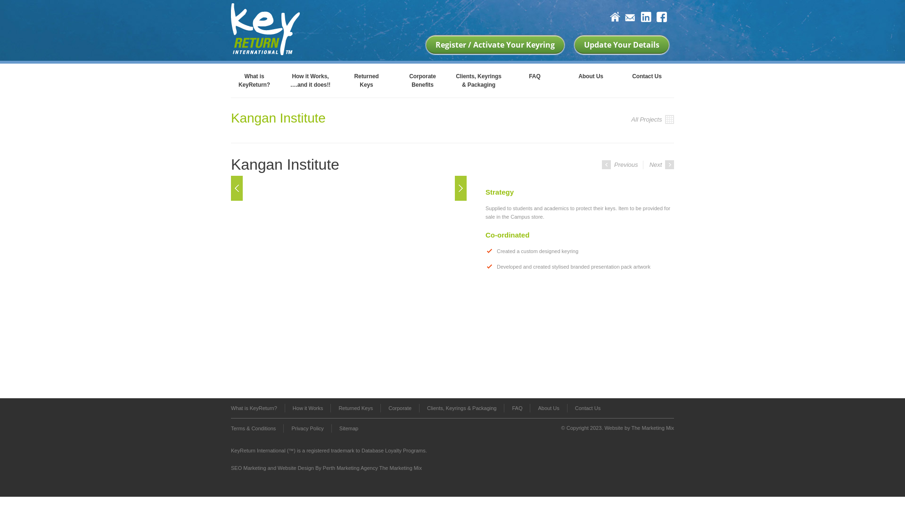  I want to click on 'Terms & Conditions', so click(230, 428).